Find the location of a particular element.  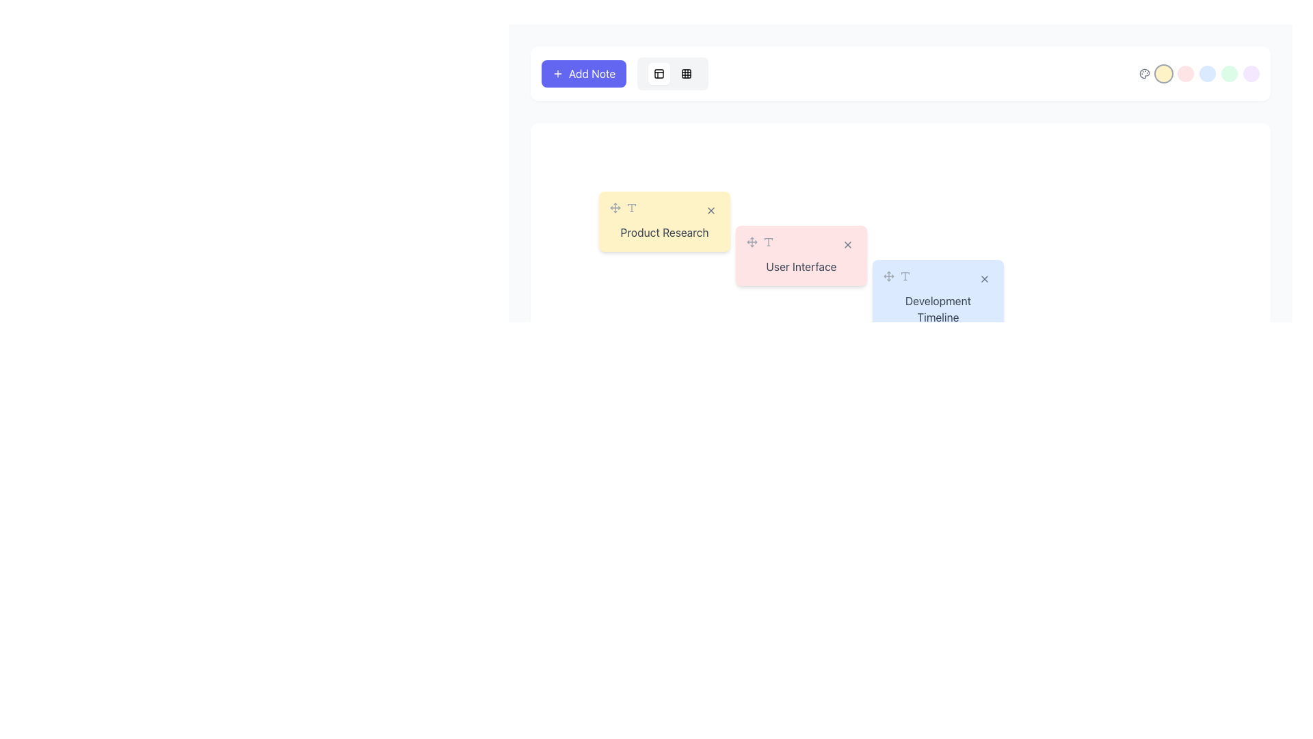

the Icon group consisting of a four-direction arrow and a 'T' icon, located within the pink card labeled 'User Interface' is located at coordinates (760, 242).